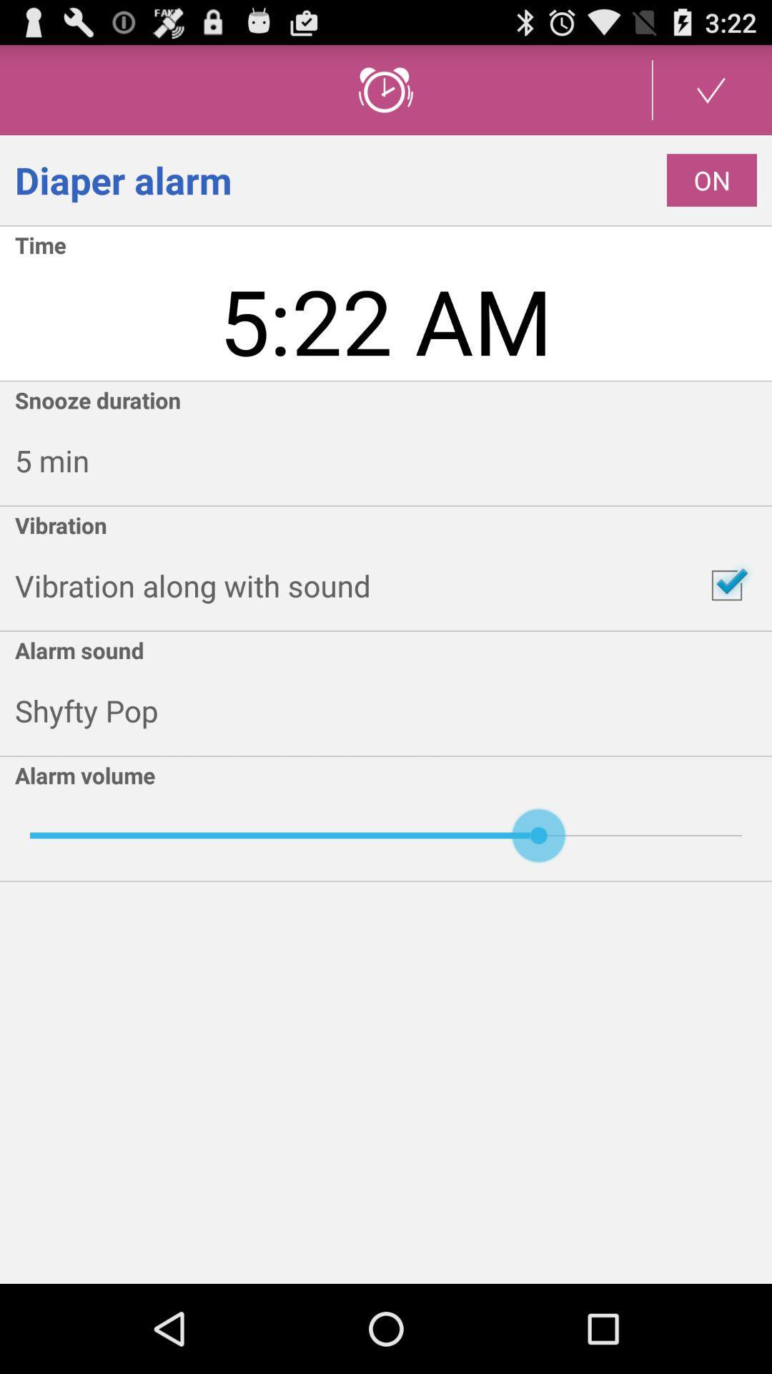  Describe the element at coordinates (727, 585) in the screenshot. I see `icon next to vibration along with icon` at that location.